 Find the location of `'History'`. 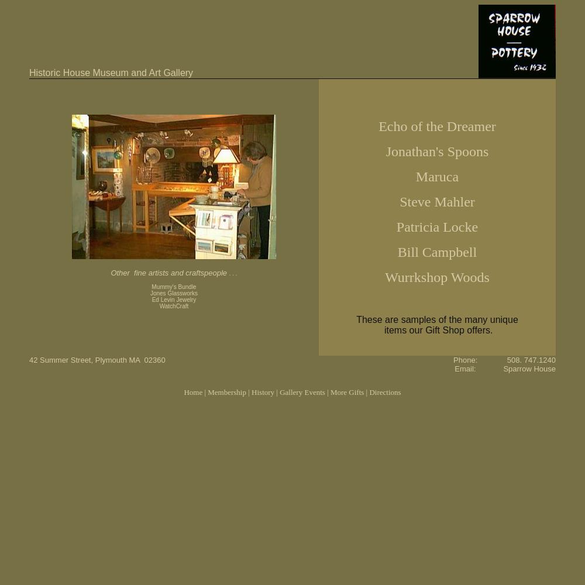

'History' is located at coordinates (252, 392).